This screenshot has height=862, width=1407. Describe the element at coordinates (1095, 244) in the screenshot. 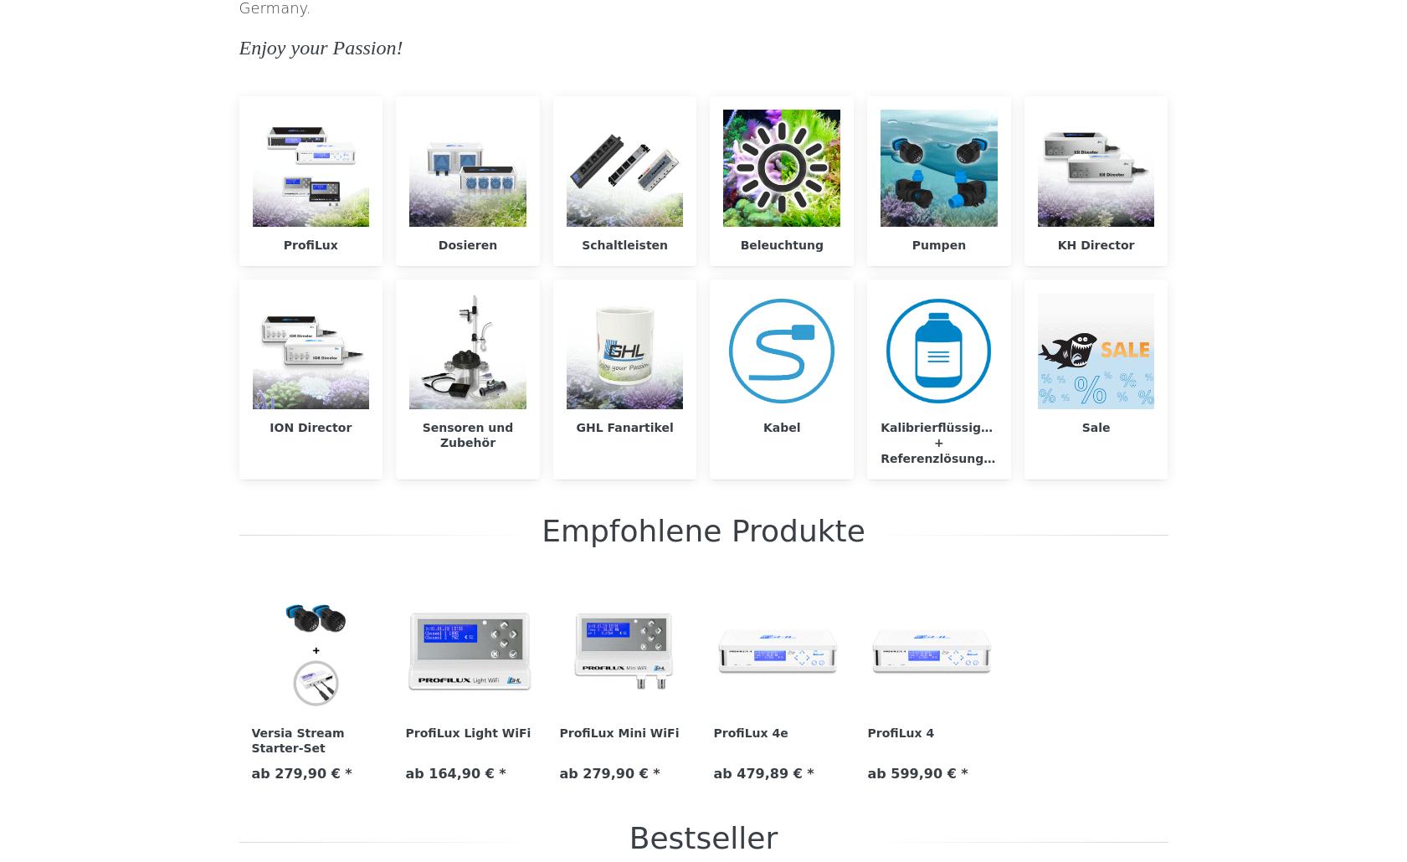

I see `'KH Director'` at that location.